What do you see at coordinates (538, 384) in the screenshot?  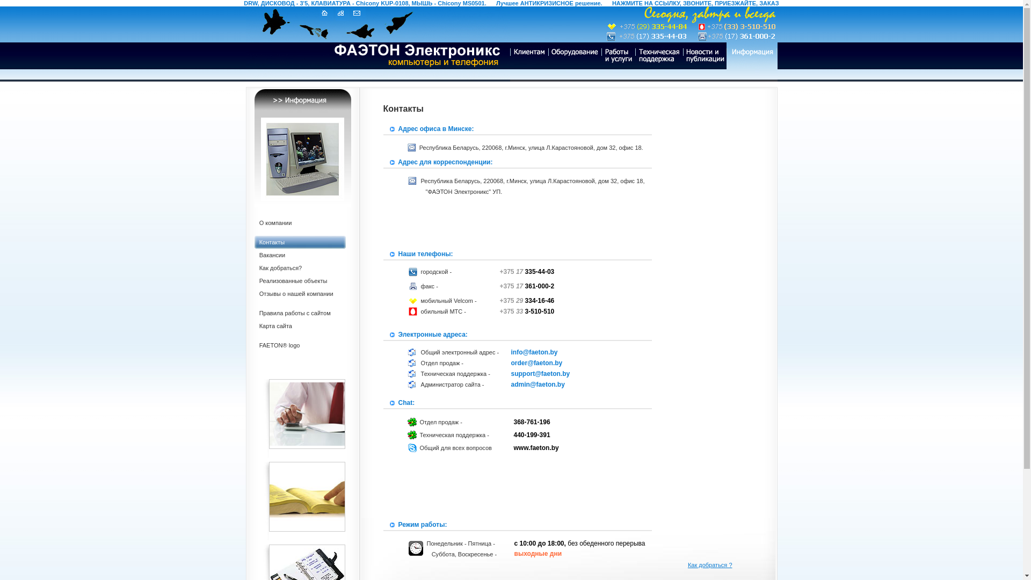 I see `'admin@faeton.by'` at bounding box center [538, 384].